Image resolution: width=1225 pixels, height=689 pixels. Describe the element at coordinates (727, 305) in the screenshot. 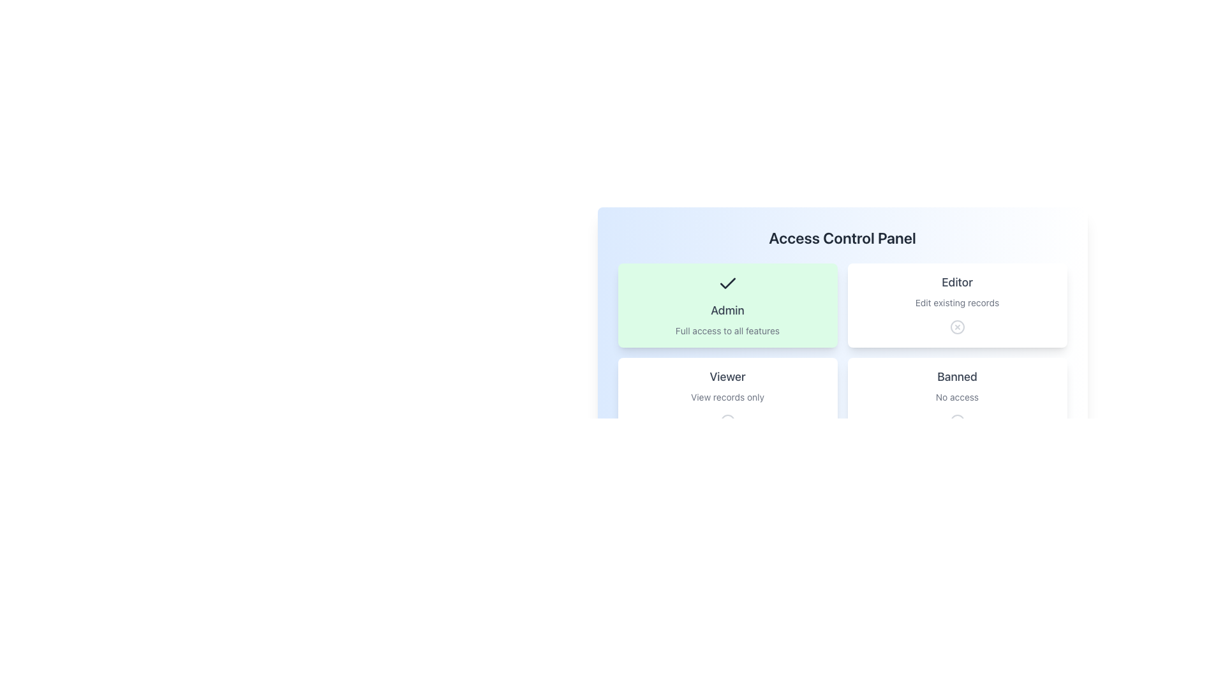

I see `to select the 'Admin' role option in the access control panel, which is the first selectable card positioned at the top-left corner of the grid` at that location.